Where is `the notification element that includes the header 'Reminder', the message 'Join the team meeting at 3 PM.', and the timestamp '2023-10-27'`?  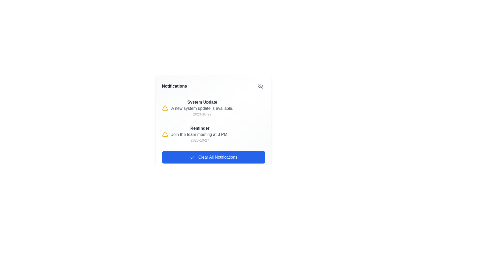
the notification element that includes the header 'Reminder', the message 'Join the team meeting at 3 PM.', and the timestamp '2023-10-27' is located at coordinates (199, 134).